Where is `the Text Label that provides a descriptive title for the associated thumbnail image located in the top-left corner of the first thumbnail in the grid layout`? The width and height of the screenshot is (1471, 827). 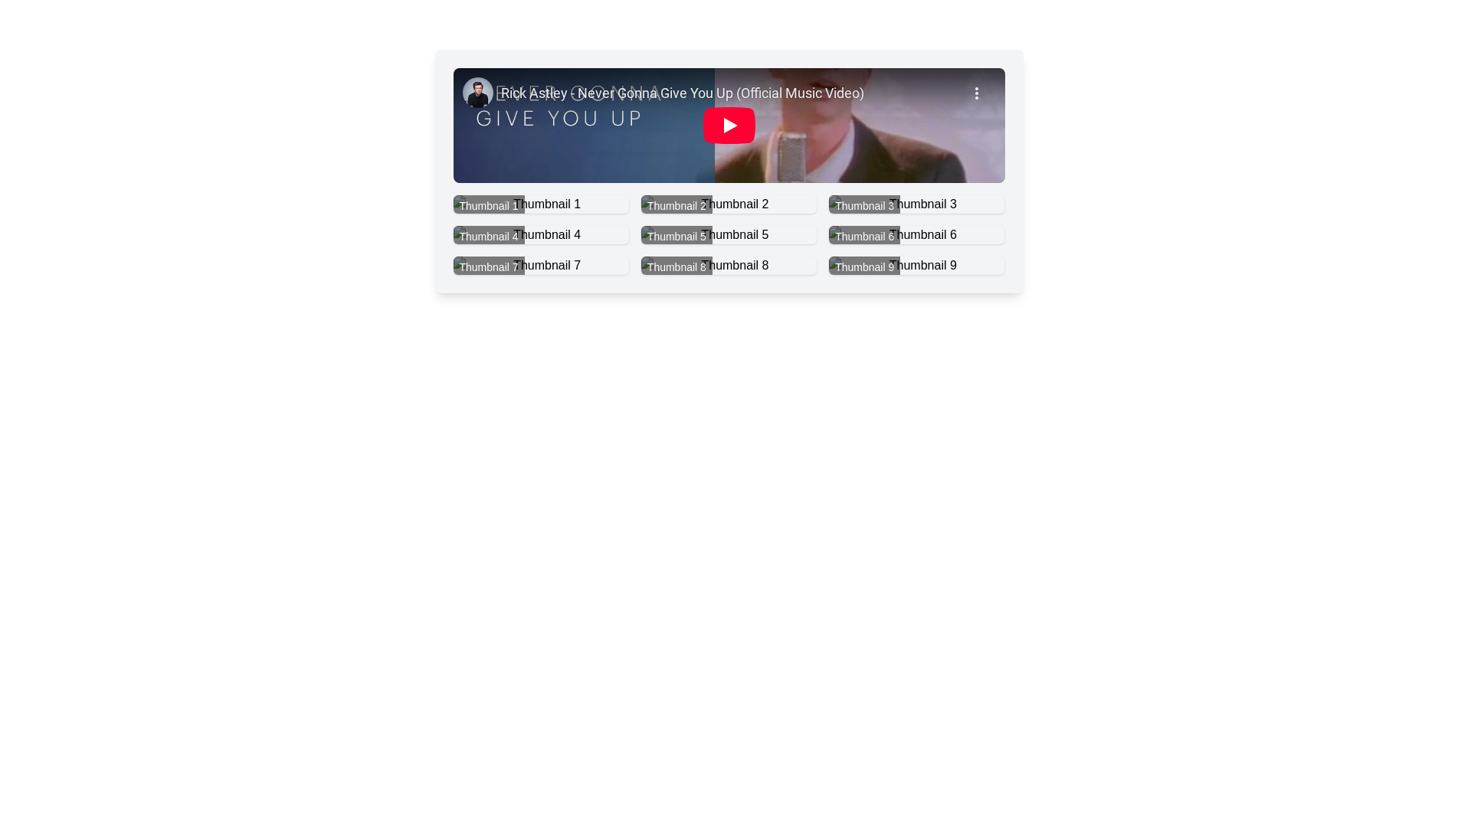 the Text Label that provides a descriptive title for the associated thumbnail image located in the top-left corner of the first thumbnail in the grid layout is located at coordinates (488, 205).